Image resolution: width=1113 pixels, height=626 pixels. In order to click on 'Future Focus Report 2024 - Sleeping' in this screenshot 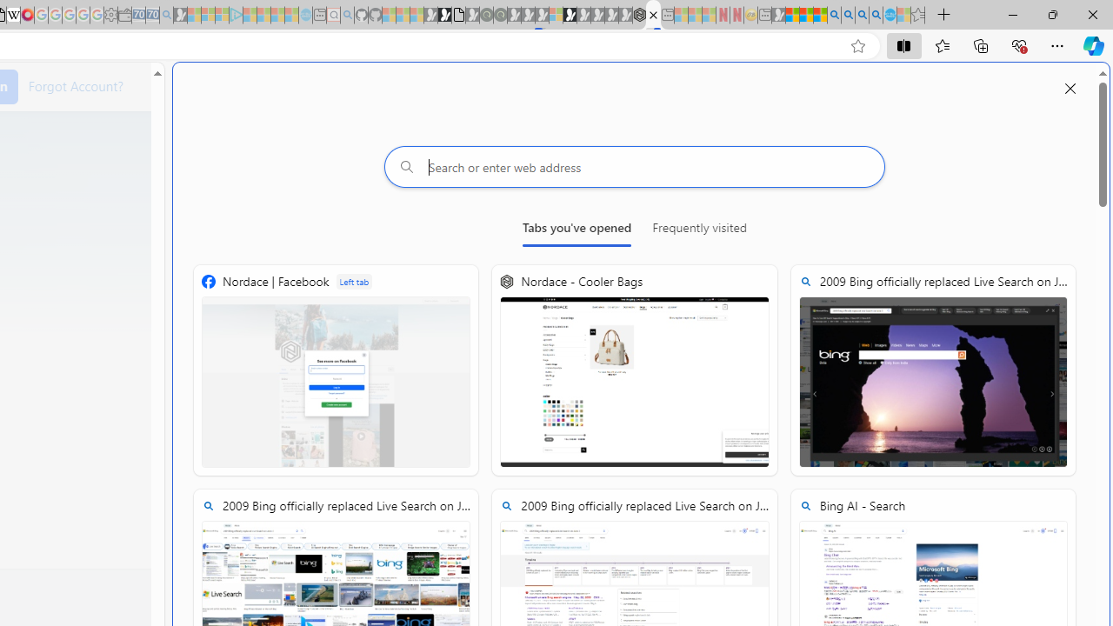, I will do `click(499, 15)`.